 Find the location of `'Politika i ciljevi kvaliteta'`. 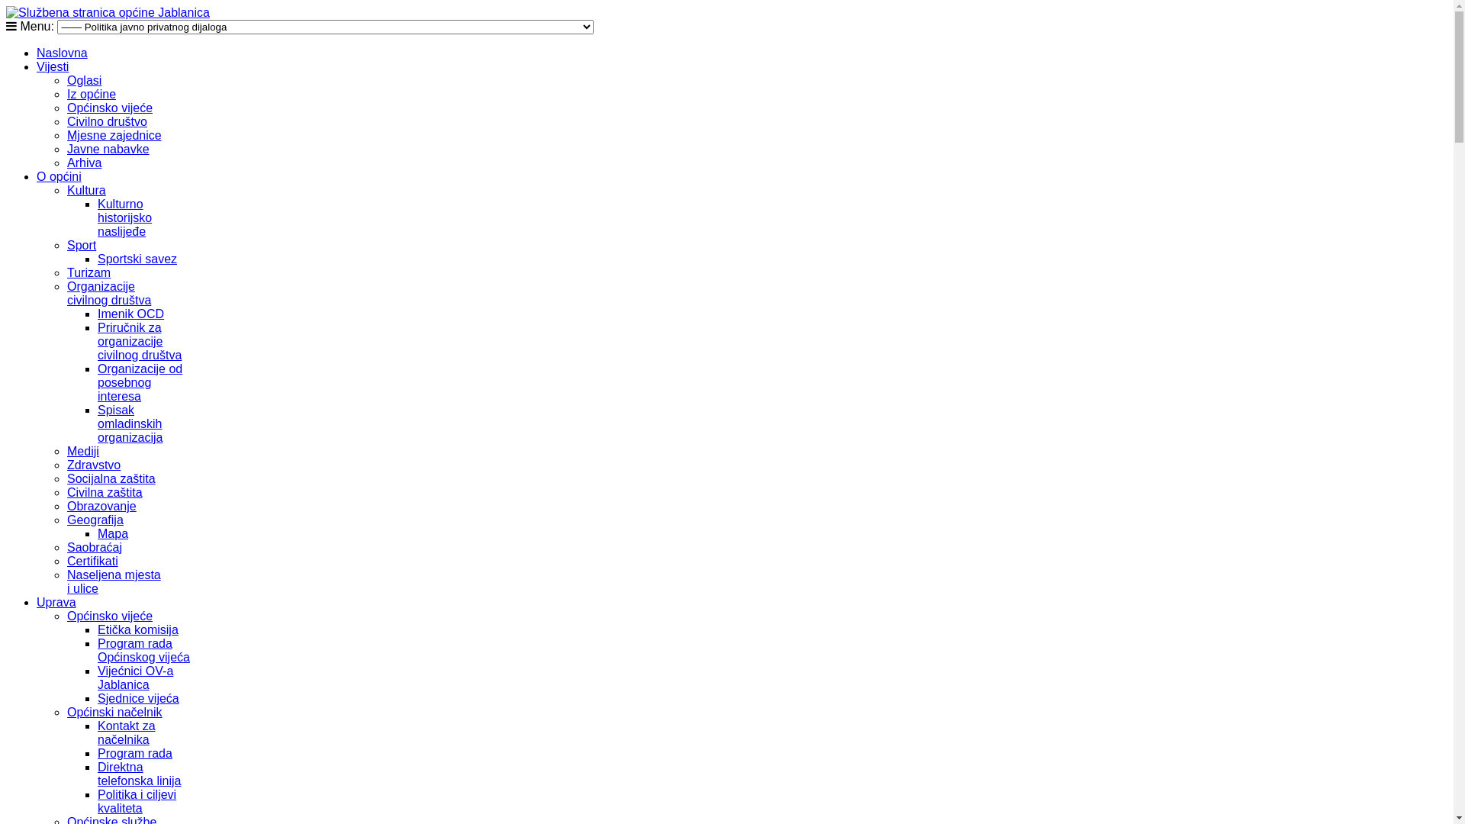

'Politika i ciljevi kvaliteta' is located at coordinates (137, 800).